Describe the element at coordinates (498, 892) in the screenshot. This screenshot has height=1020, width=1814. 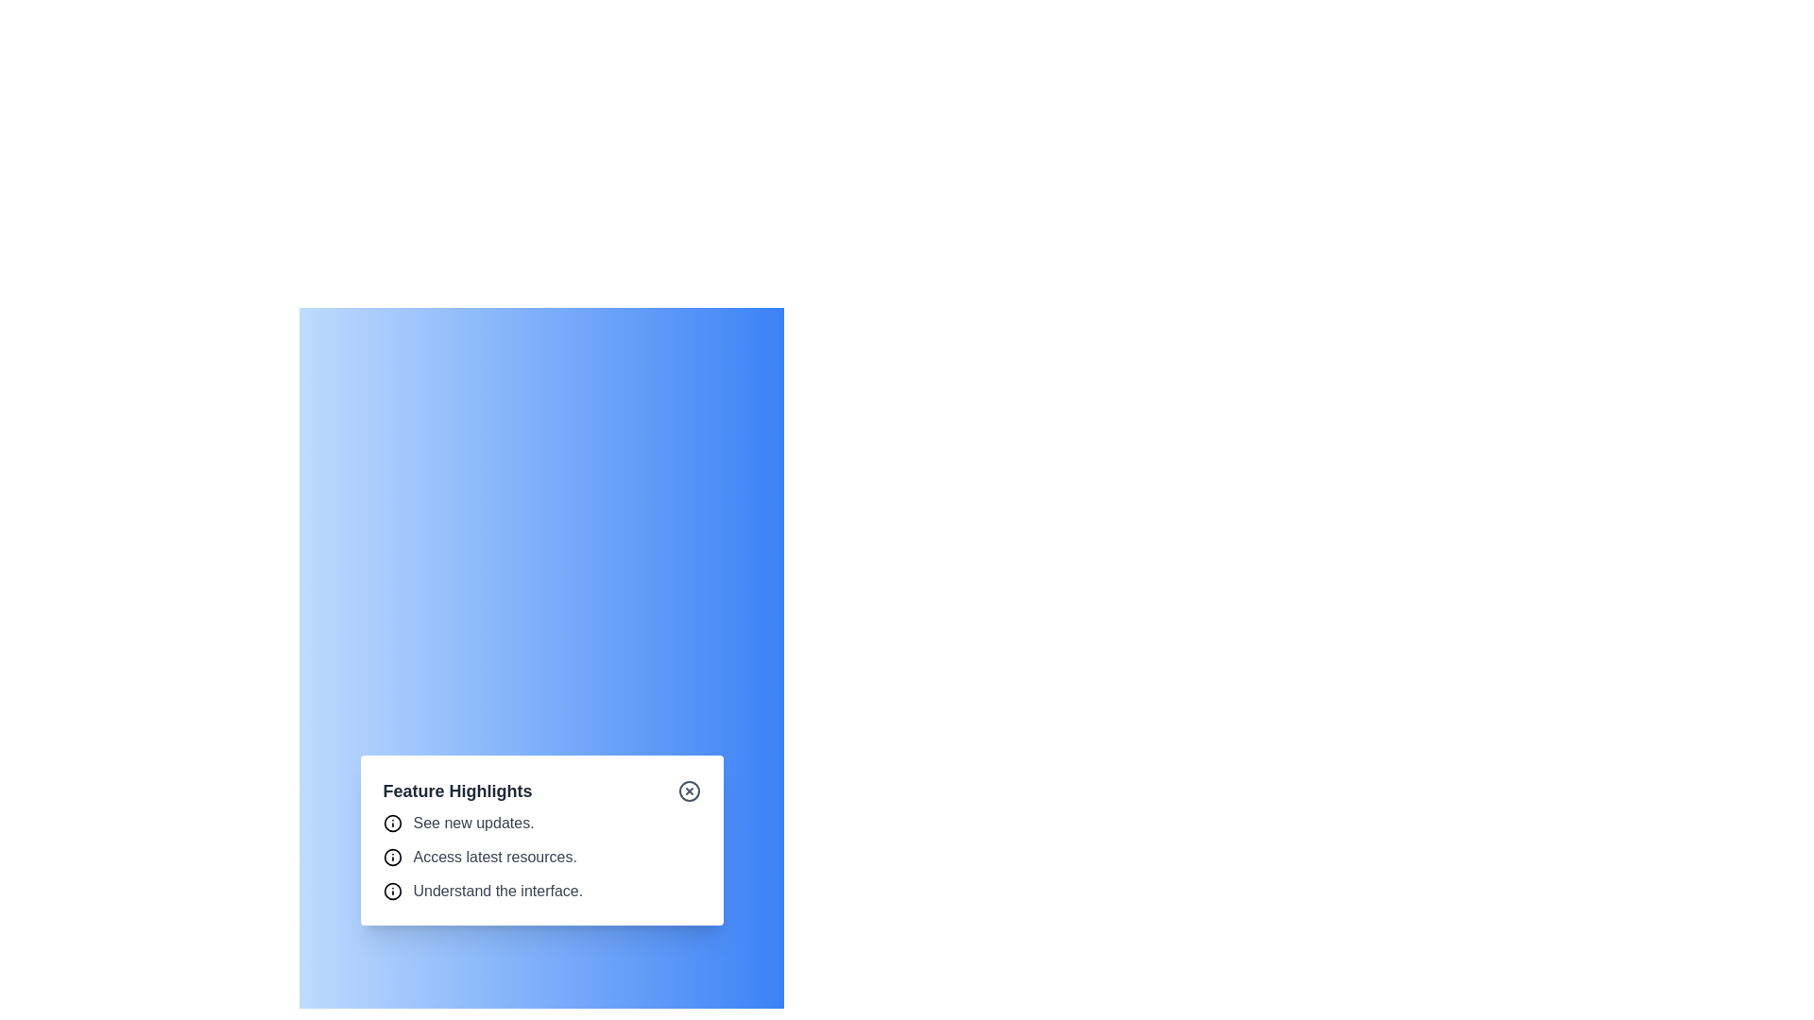
I see `the text label that reads 'Understand the interface.' which is the third item under the heading 'Feature Highlights.'` at that location.